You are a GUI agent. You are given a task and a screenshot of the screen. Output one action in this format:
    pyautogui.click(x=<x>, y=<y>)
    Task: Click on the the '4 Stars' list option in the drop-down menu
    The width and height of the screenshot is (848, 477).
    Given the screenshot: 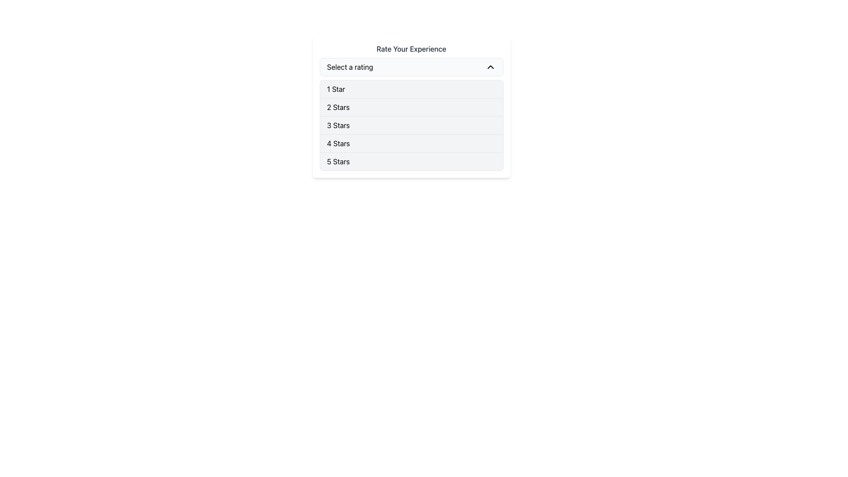 What is the action you would take?
    pyautogui.click(x=338, y=143)
    